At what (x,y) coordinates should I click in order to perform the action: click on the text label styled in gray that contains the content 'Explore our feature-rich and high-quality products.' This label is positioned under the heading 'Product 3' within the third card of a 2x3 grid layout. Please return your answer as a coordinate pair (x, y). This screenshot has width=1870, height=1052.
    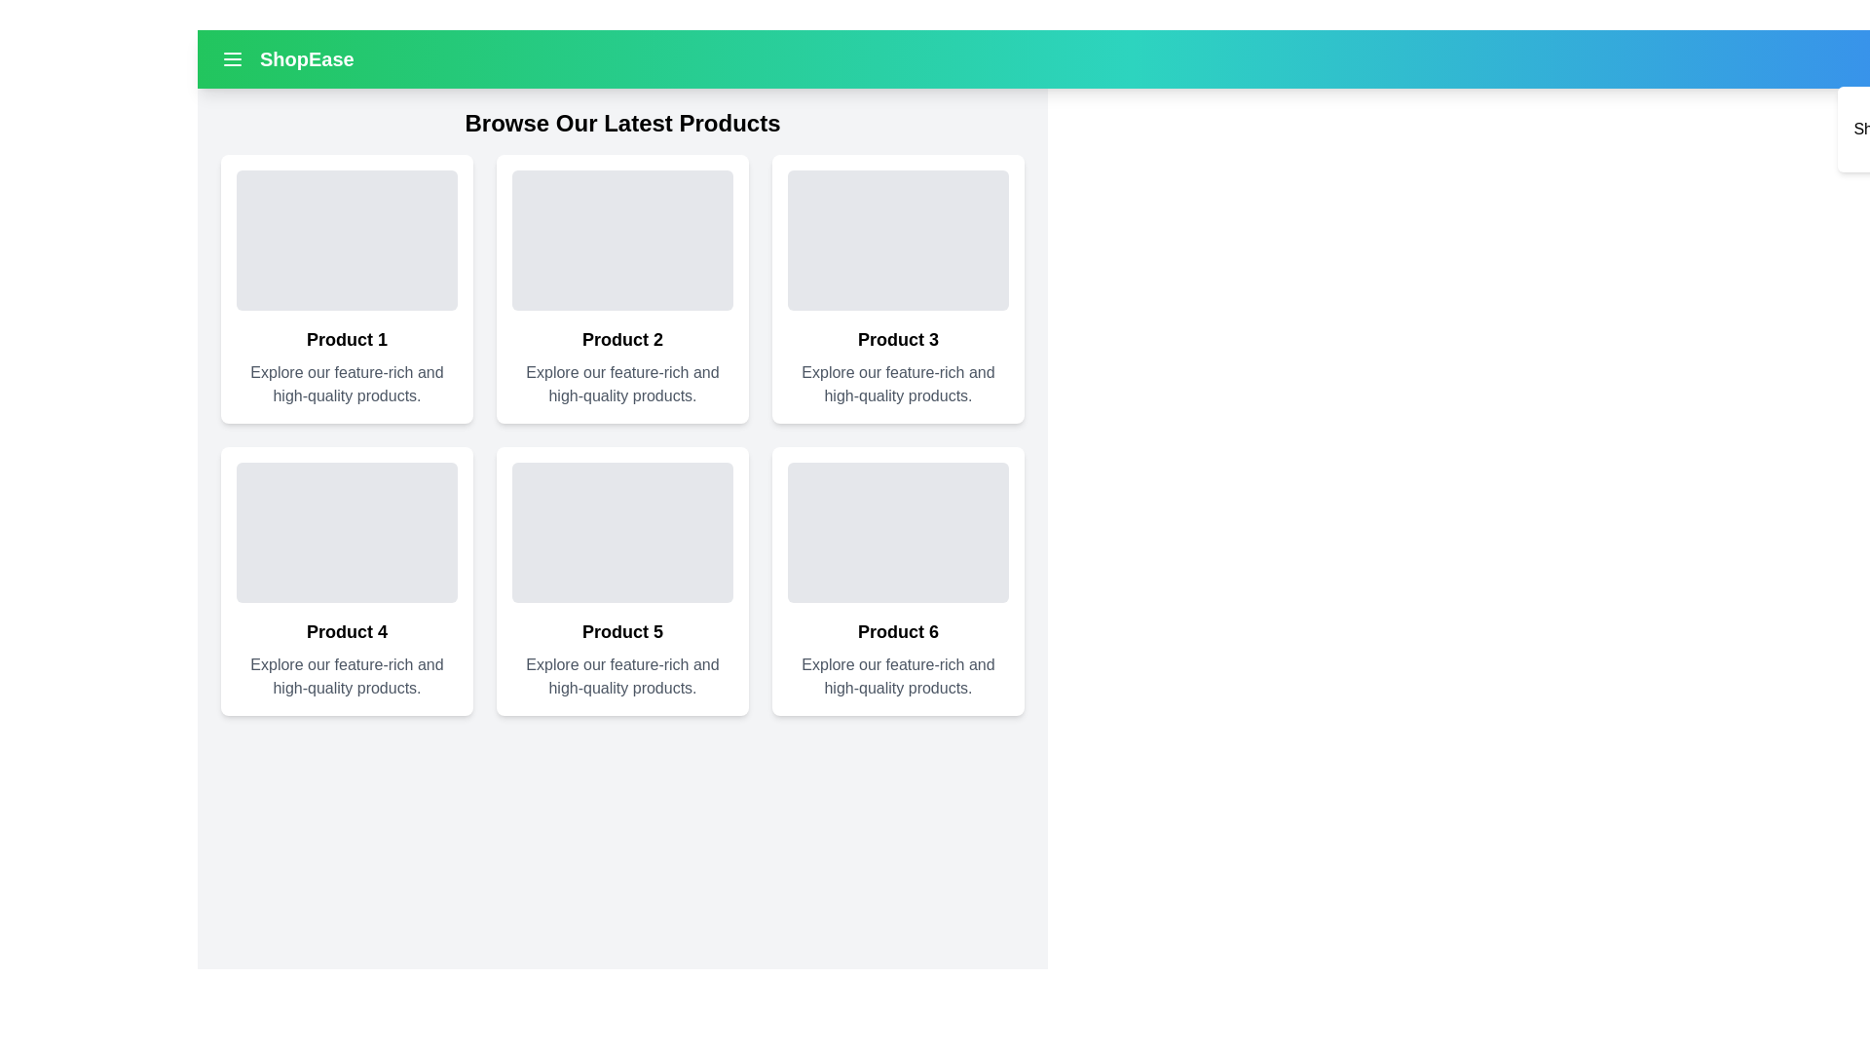
    Looking at the image, I should click on (897, 384).